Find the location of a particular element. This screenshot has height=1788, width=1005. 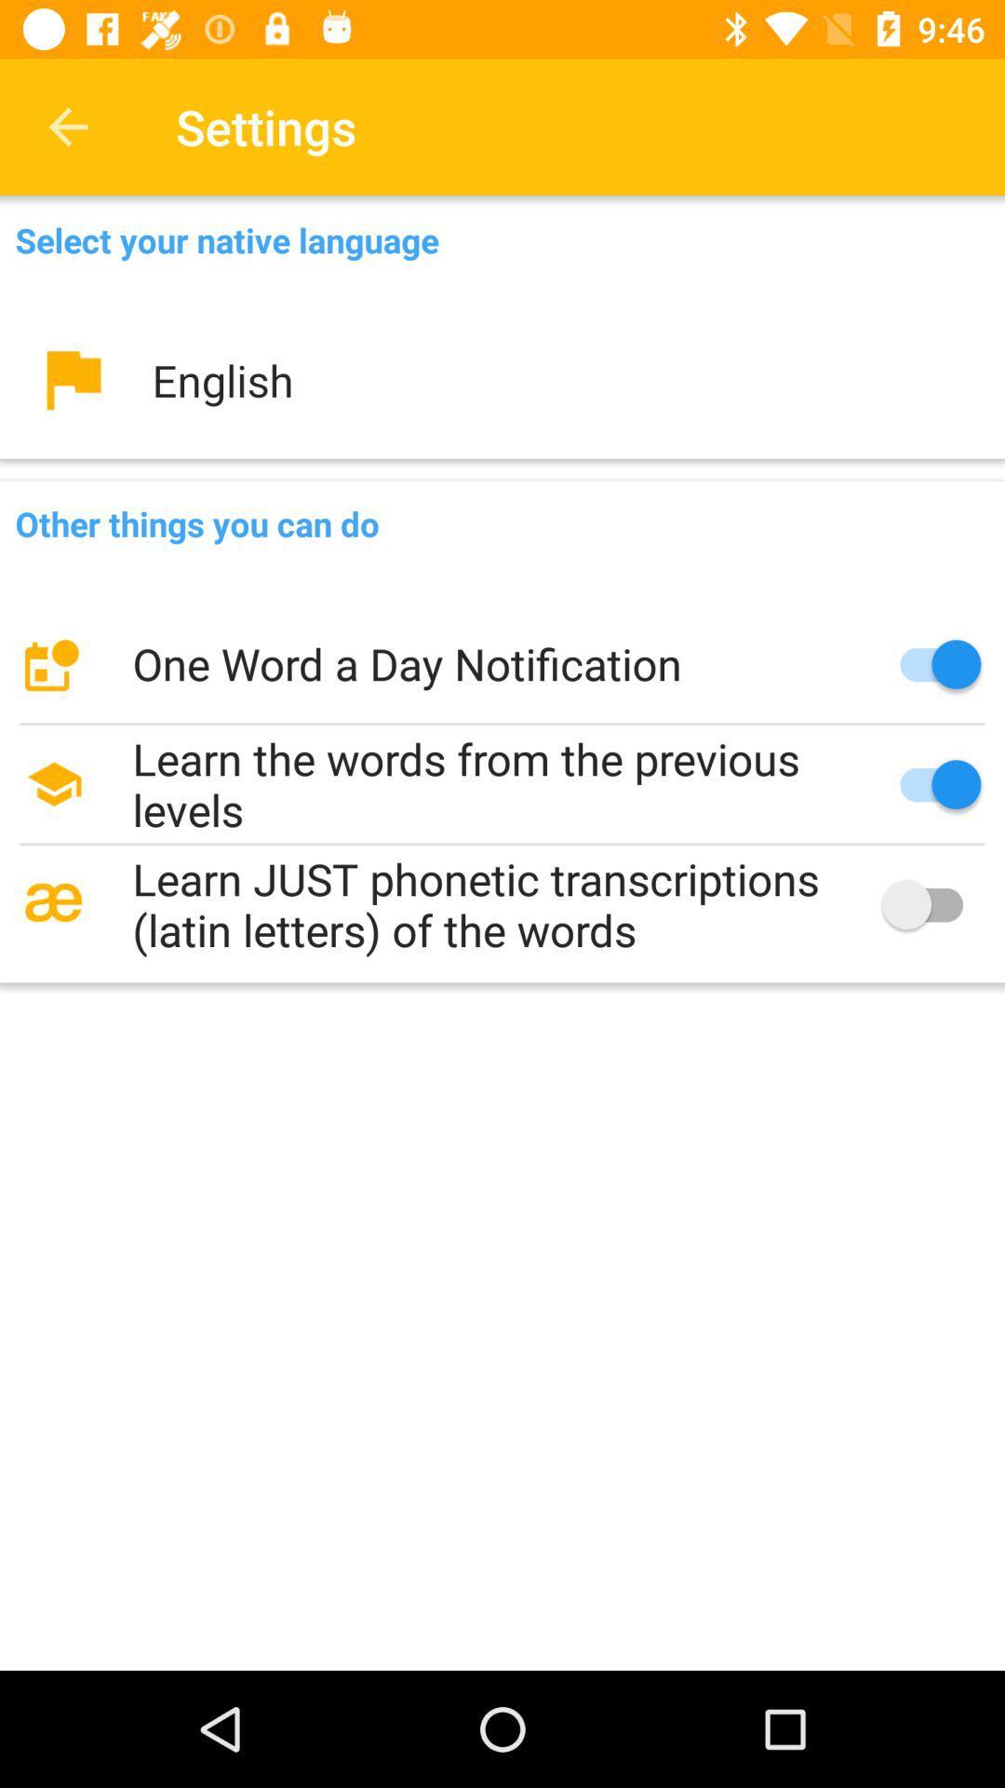

icon below other things you icon is located at coordinates (502, 664).